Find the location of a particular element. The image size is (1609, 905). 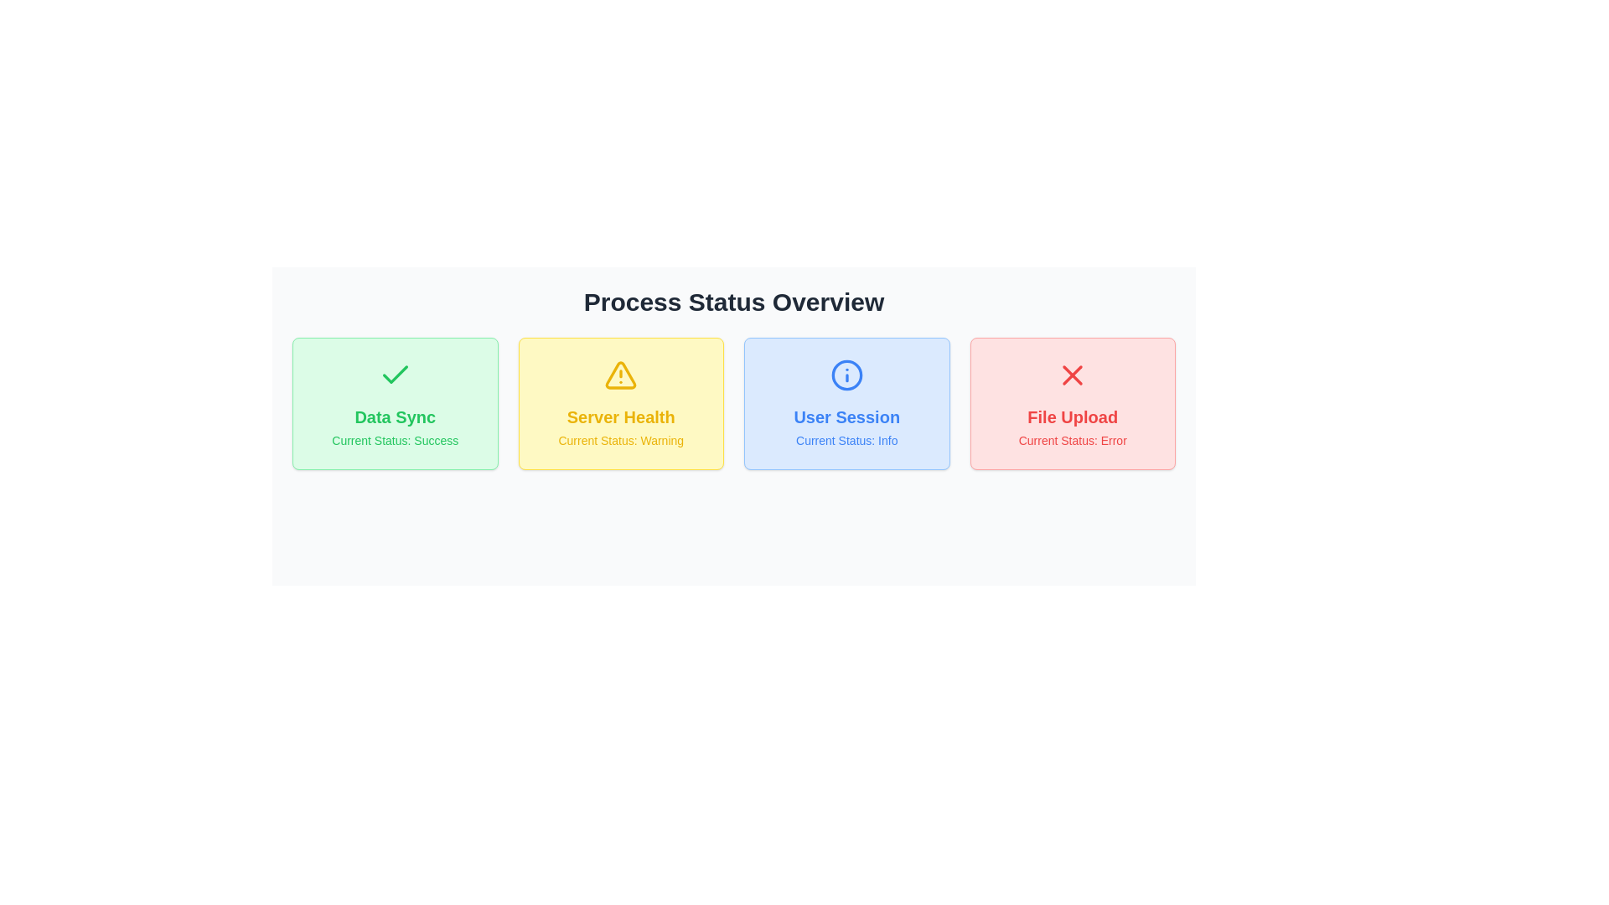

the triangular warning icon indicating the 'Server Health' status within the 'Process Status Overview' section is located at coordinates (620, 374).